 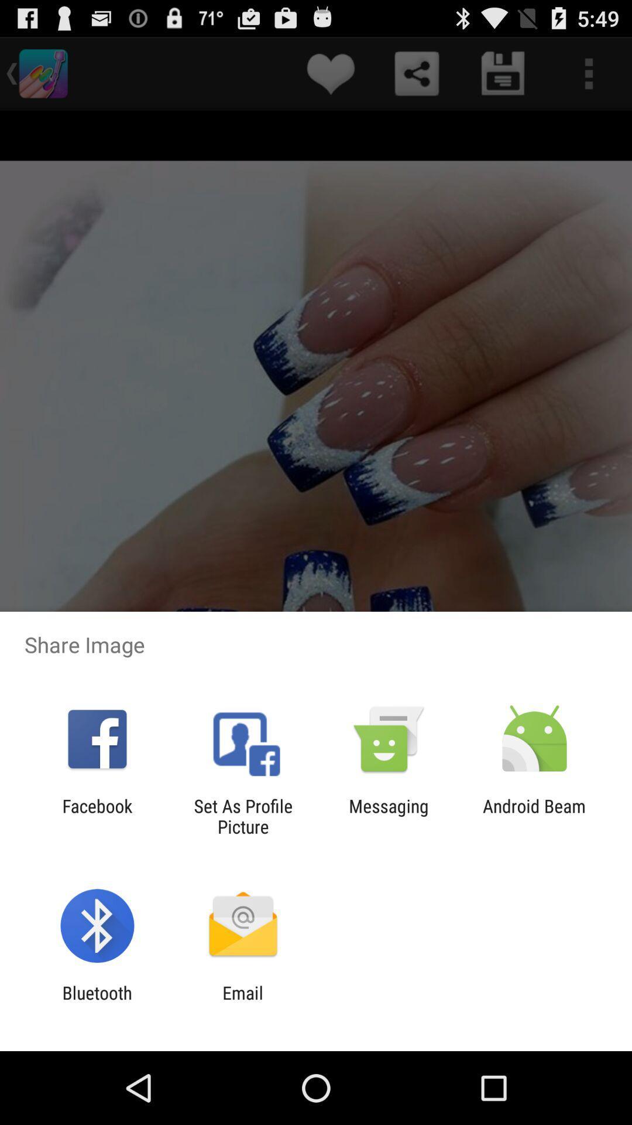 What do you see at coordinates (97, 816) in the screenshot?
I see `app to the left of set as profile` at bounding box center [97, 816].